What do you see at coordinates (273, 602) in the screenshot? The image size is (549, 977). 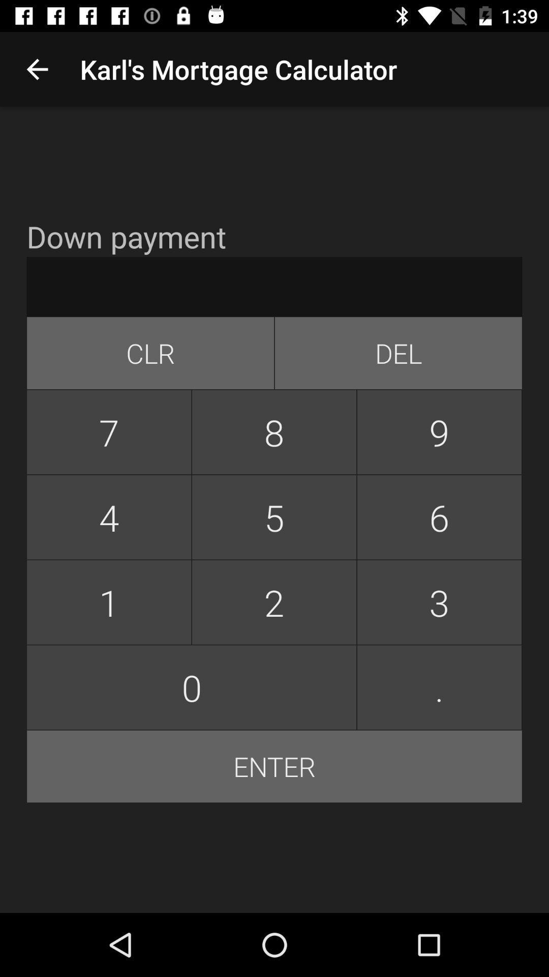 I see `item below 4 button` at bounding box center [273, 602].